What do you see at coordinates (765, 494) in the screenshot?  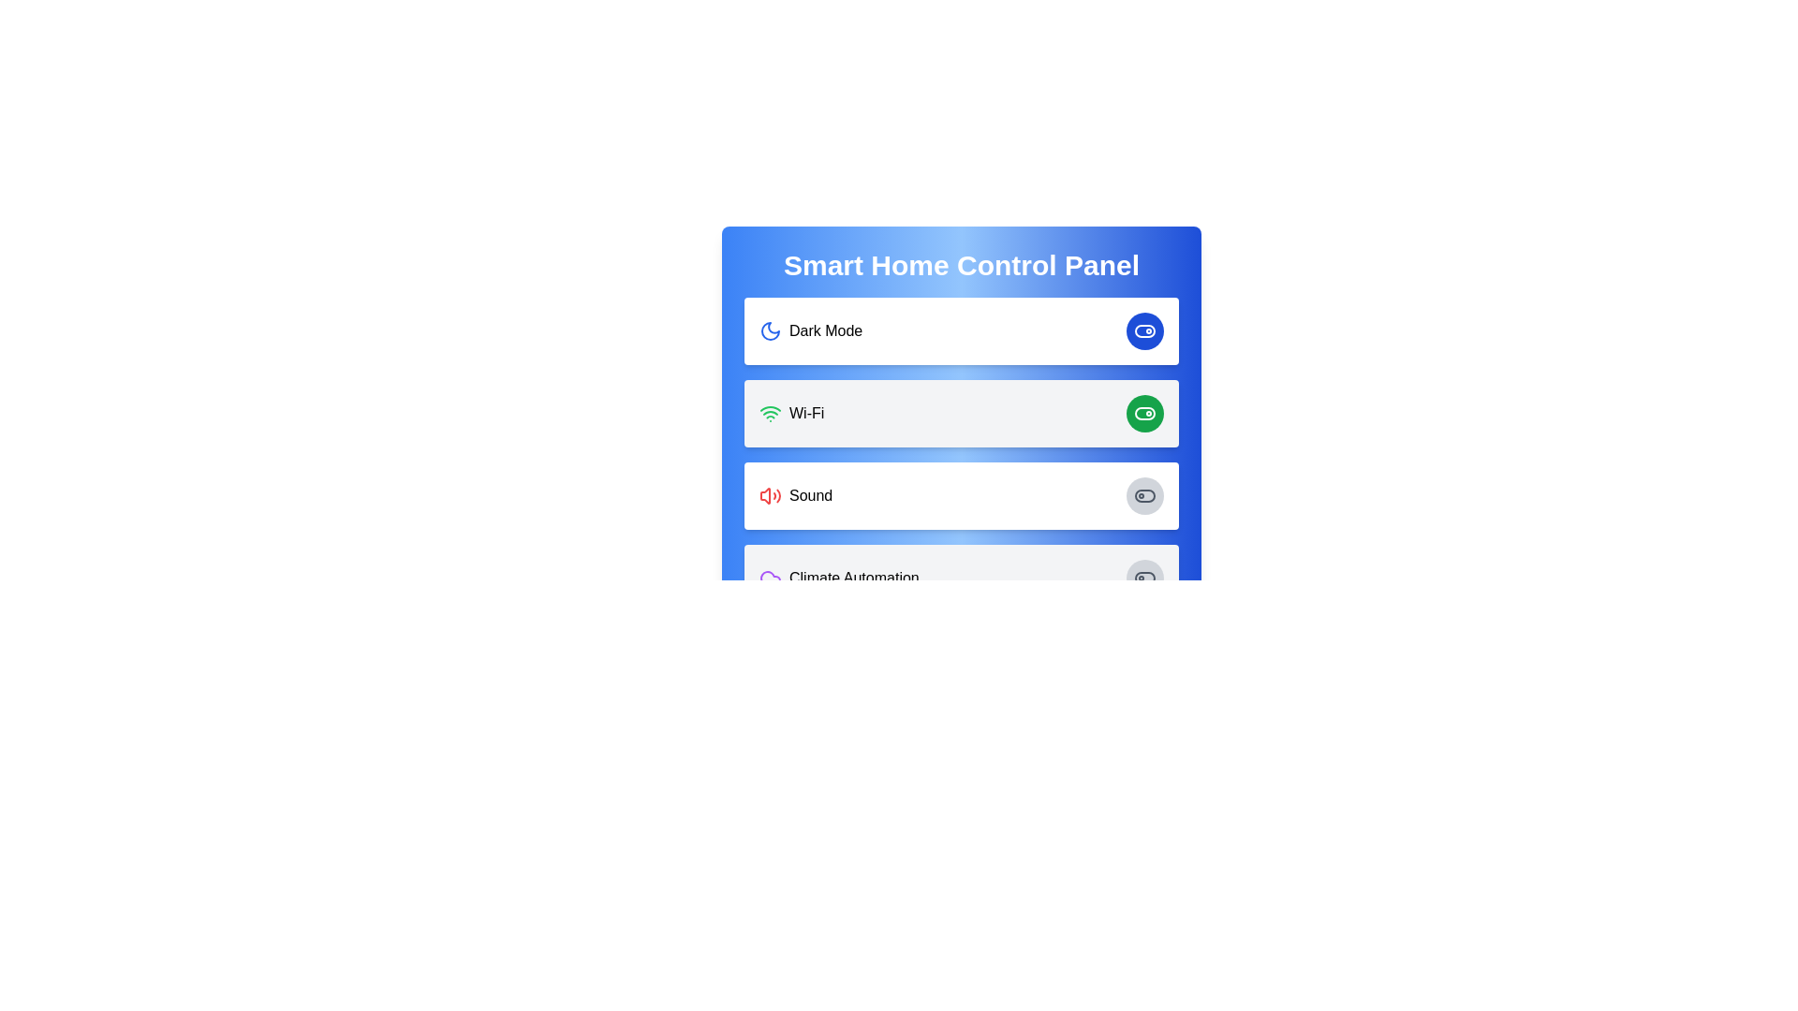 I see `red sound speaker vector graphic element within the Smart Home Control Panel's SVG icon to understand its functionality` at bounding box center [765, 494].